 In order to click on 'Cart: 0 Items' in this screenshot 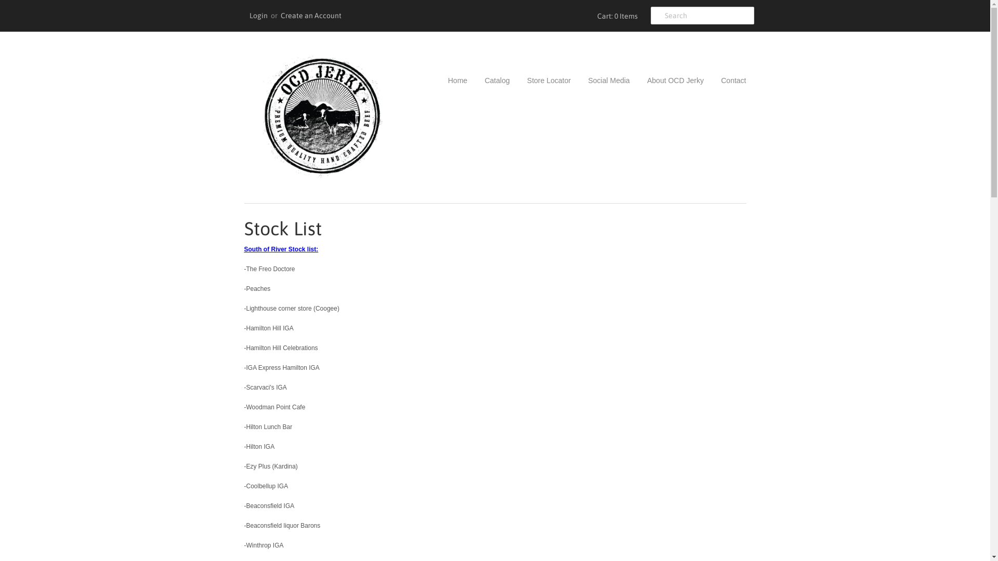, I will do `click(615, 16)`.